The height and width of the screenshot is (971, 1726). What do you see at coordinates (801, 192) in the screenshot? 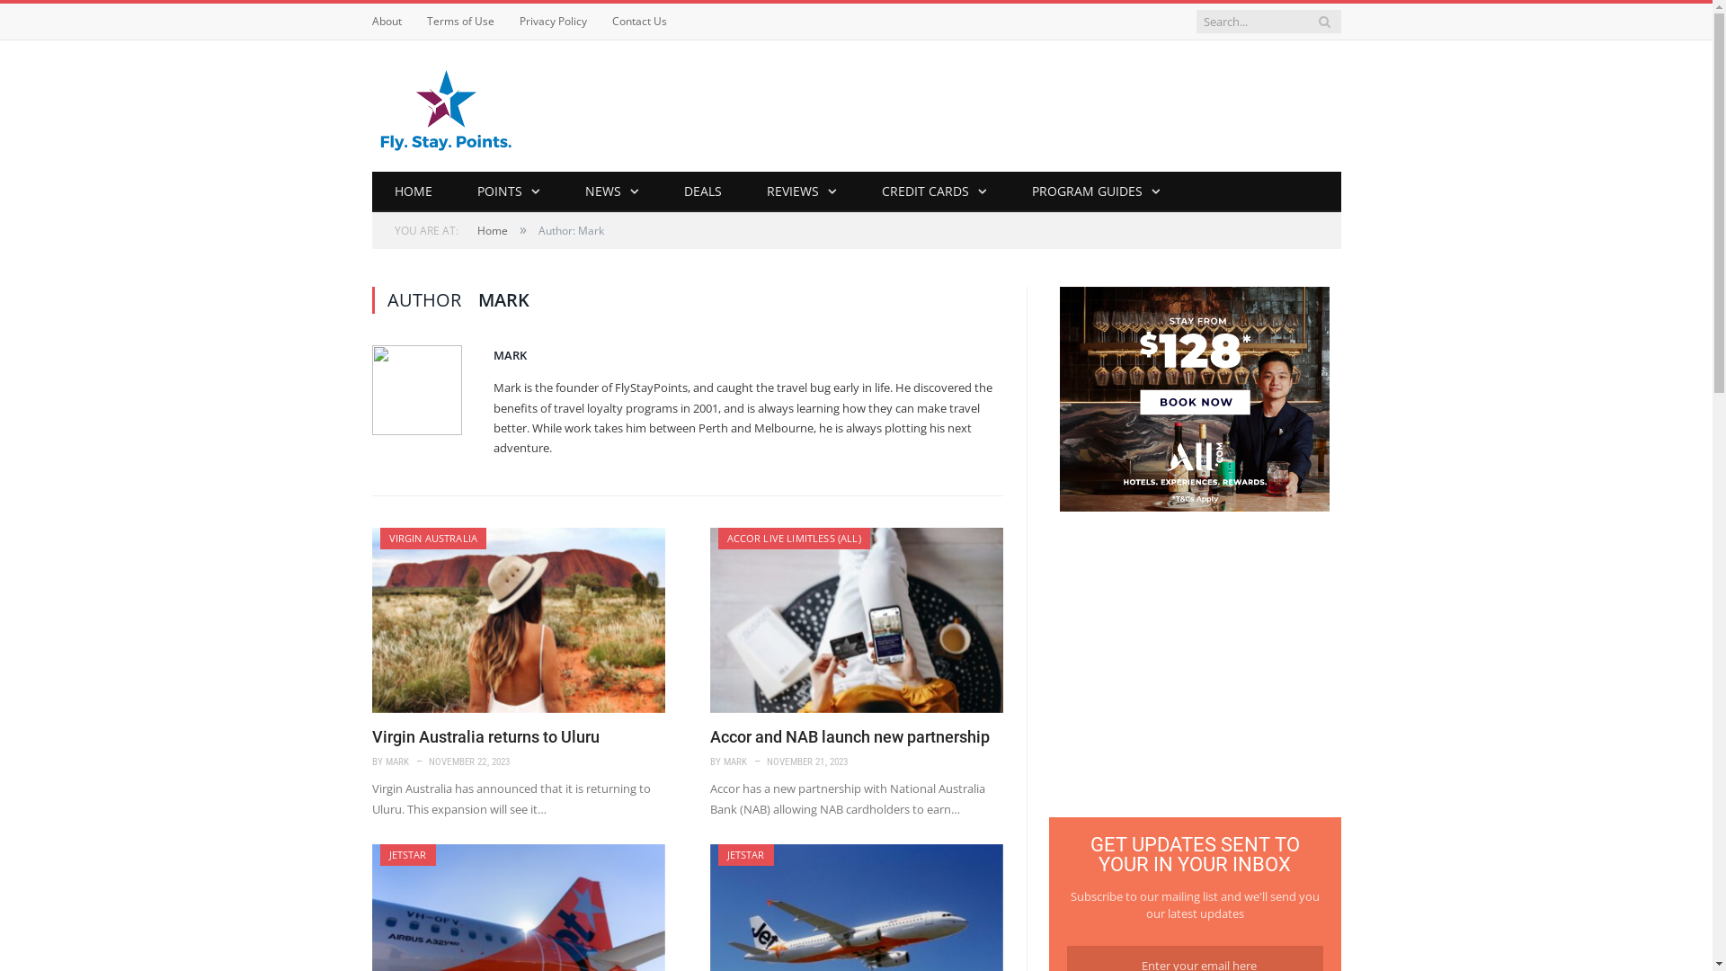
I see `'REVIEWS'` at bounding box center [801, 192].